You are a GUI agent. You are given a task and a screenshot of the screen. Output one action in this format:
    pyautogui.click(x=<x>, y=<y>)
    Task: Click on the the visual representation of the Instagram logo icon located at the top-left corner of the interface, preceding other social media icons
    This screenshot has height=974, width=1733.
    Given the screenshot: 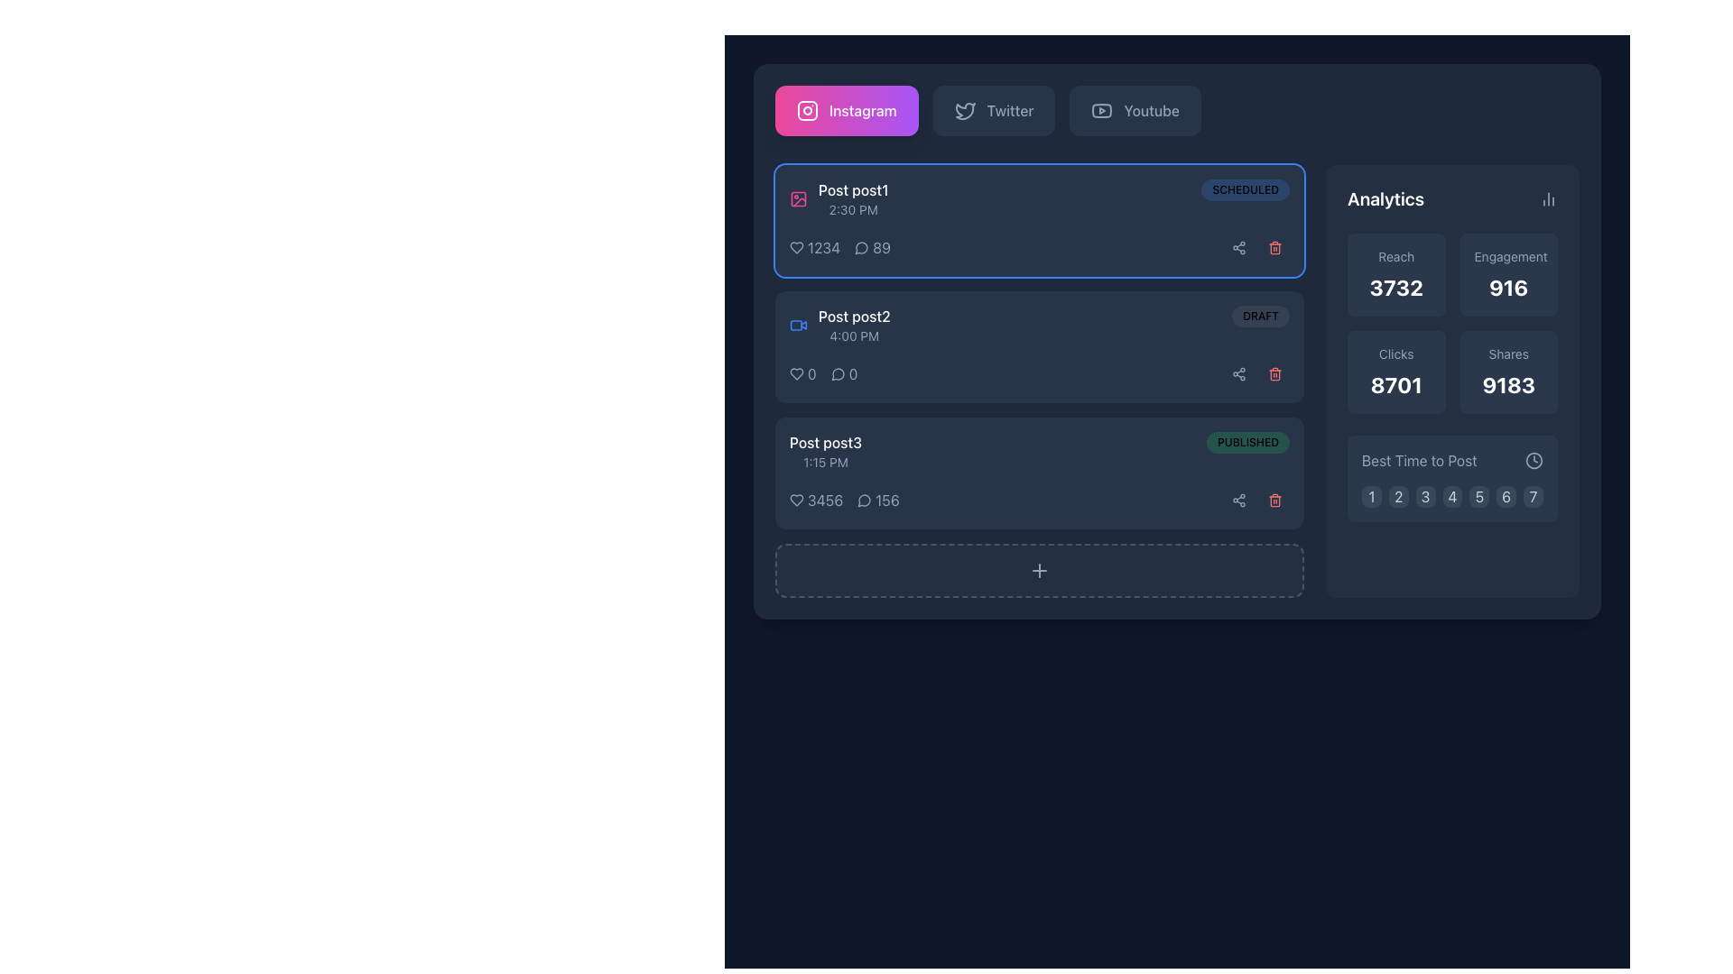 What is the action you would take?
    pyautogui.click(x=806, y=111)
    